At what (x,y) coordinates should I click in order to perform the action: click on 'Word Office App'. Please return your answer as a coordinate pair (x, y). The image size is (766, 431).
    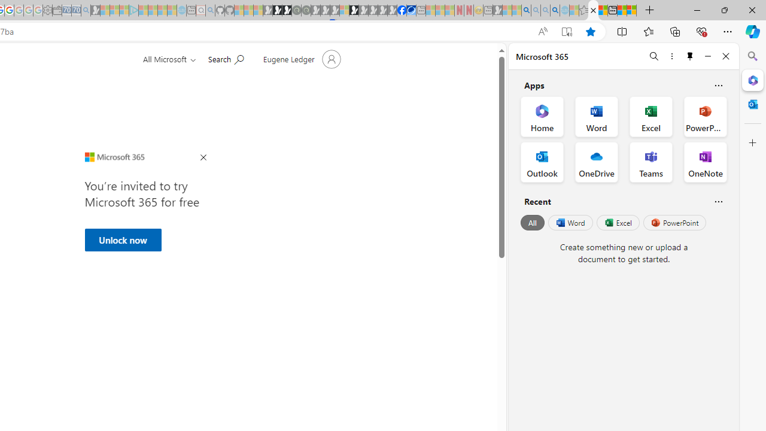
    Looking at the image, I should click on (597, 117).